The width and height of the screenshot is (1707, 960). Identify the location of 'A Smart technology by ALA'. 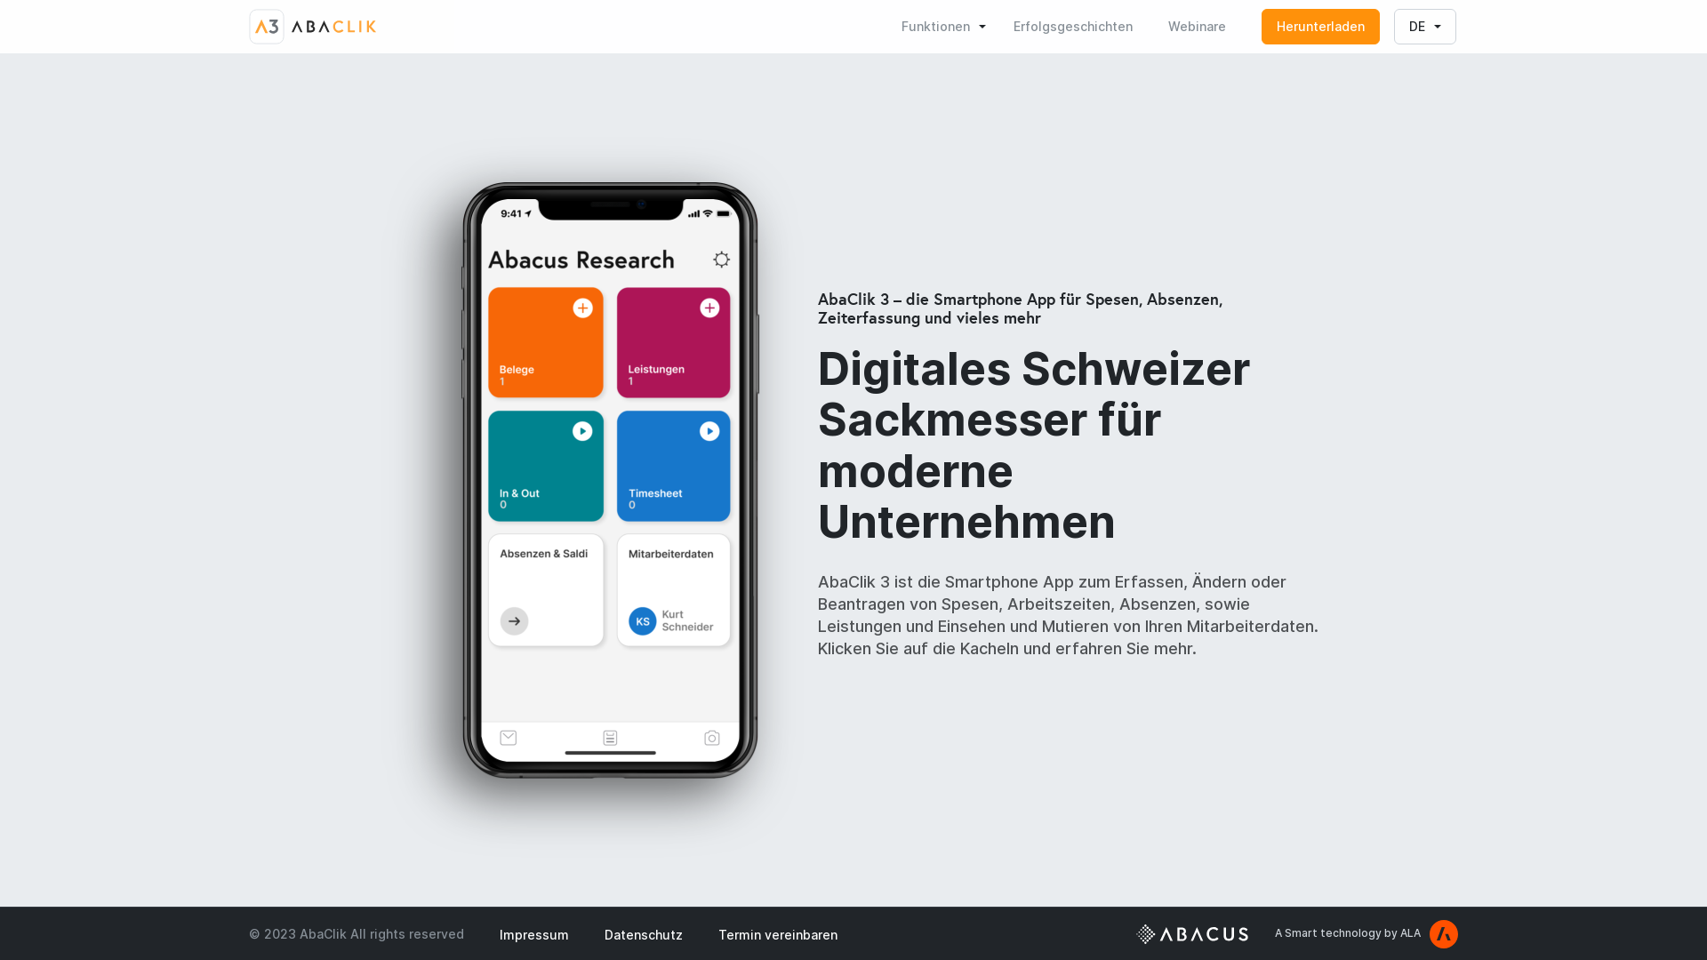
(1365, 932).